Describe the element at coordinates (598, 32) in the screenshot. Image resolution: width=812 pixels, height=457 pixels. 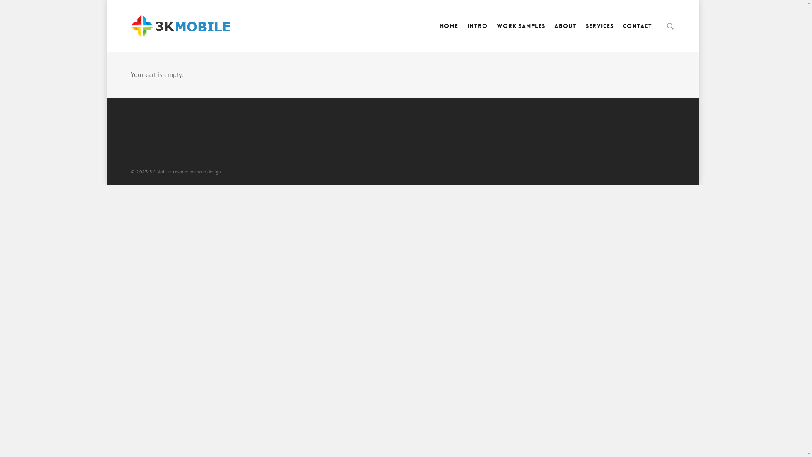
I see `'Services'` at that location.